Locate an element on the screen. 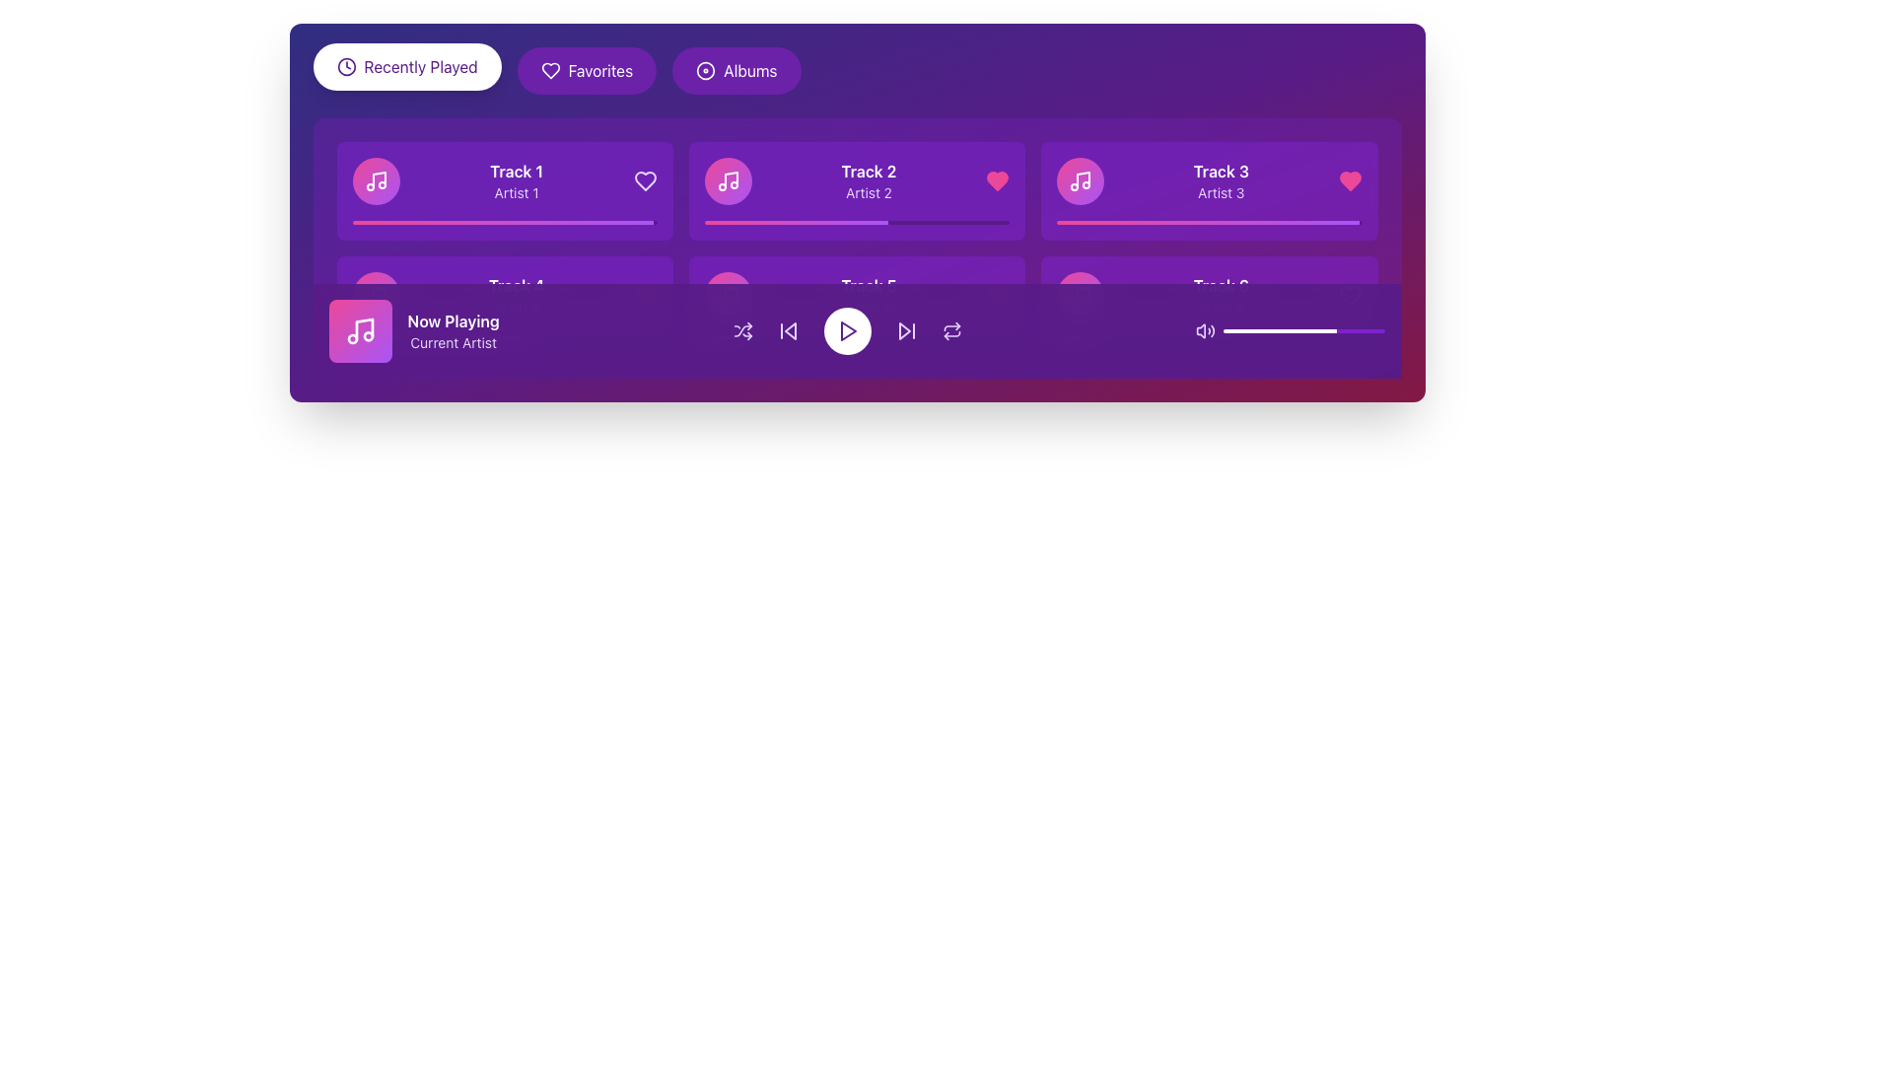 Image resolution: width=1893 pixels, height=1065 pixels. the music playback icon located at the center of the circular button on the leftmost side of the playback control bar at the bottom of the application interface is located at coordinates (727, 296).